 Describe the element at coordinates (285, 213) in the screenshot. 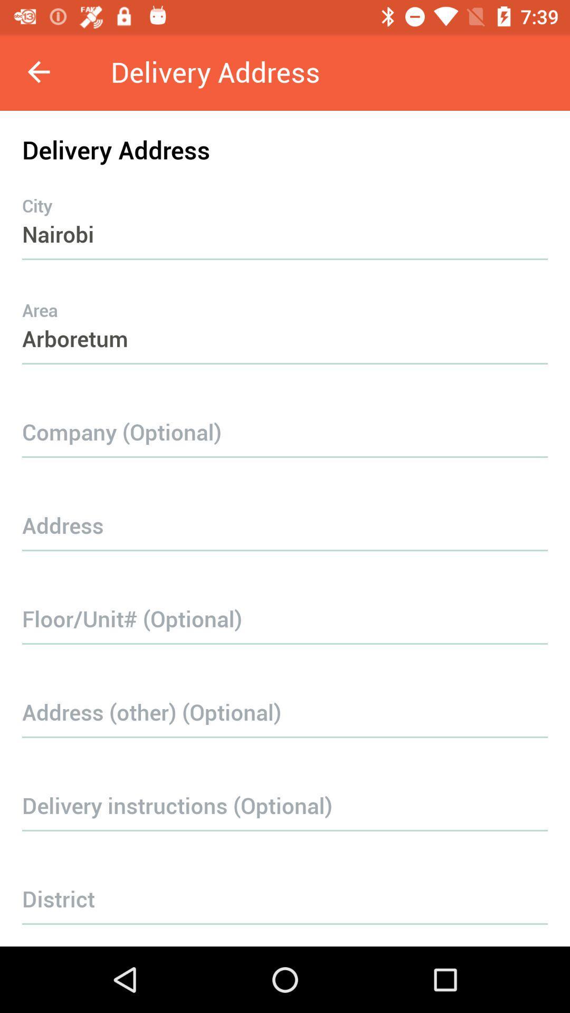

I see `icon below delivery address icon` at that location.